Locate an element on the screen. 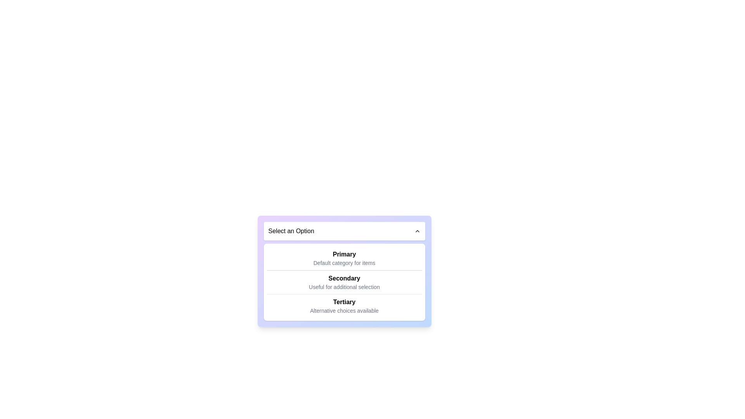 The image size is (745, 419). the list item labeled 'Tertiary' is located at coordinates (344, 305).